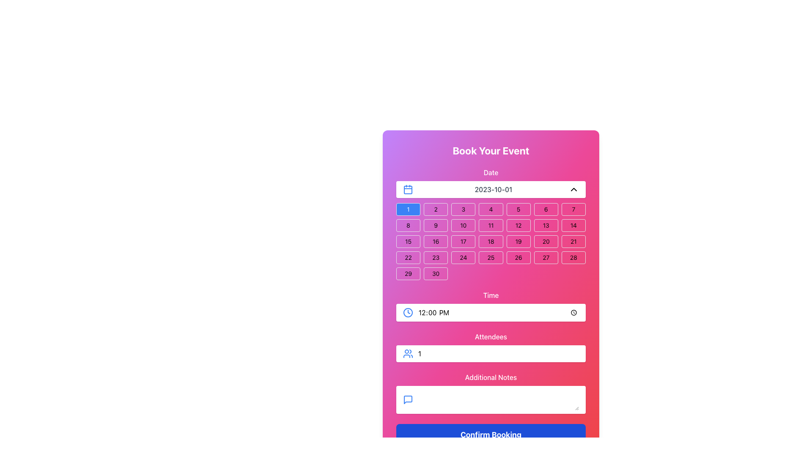 This screenshot has height=457, width=812. Describe the element at coordinates (408, 274) in the screenshot. I see `the rectangular button with rounded corners that has a pink background and displays the number '29' in bold black text, located in the last row of the calendar grid` at that location.